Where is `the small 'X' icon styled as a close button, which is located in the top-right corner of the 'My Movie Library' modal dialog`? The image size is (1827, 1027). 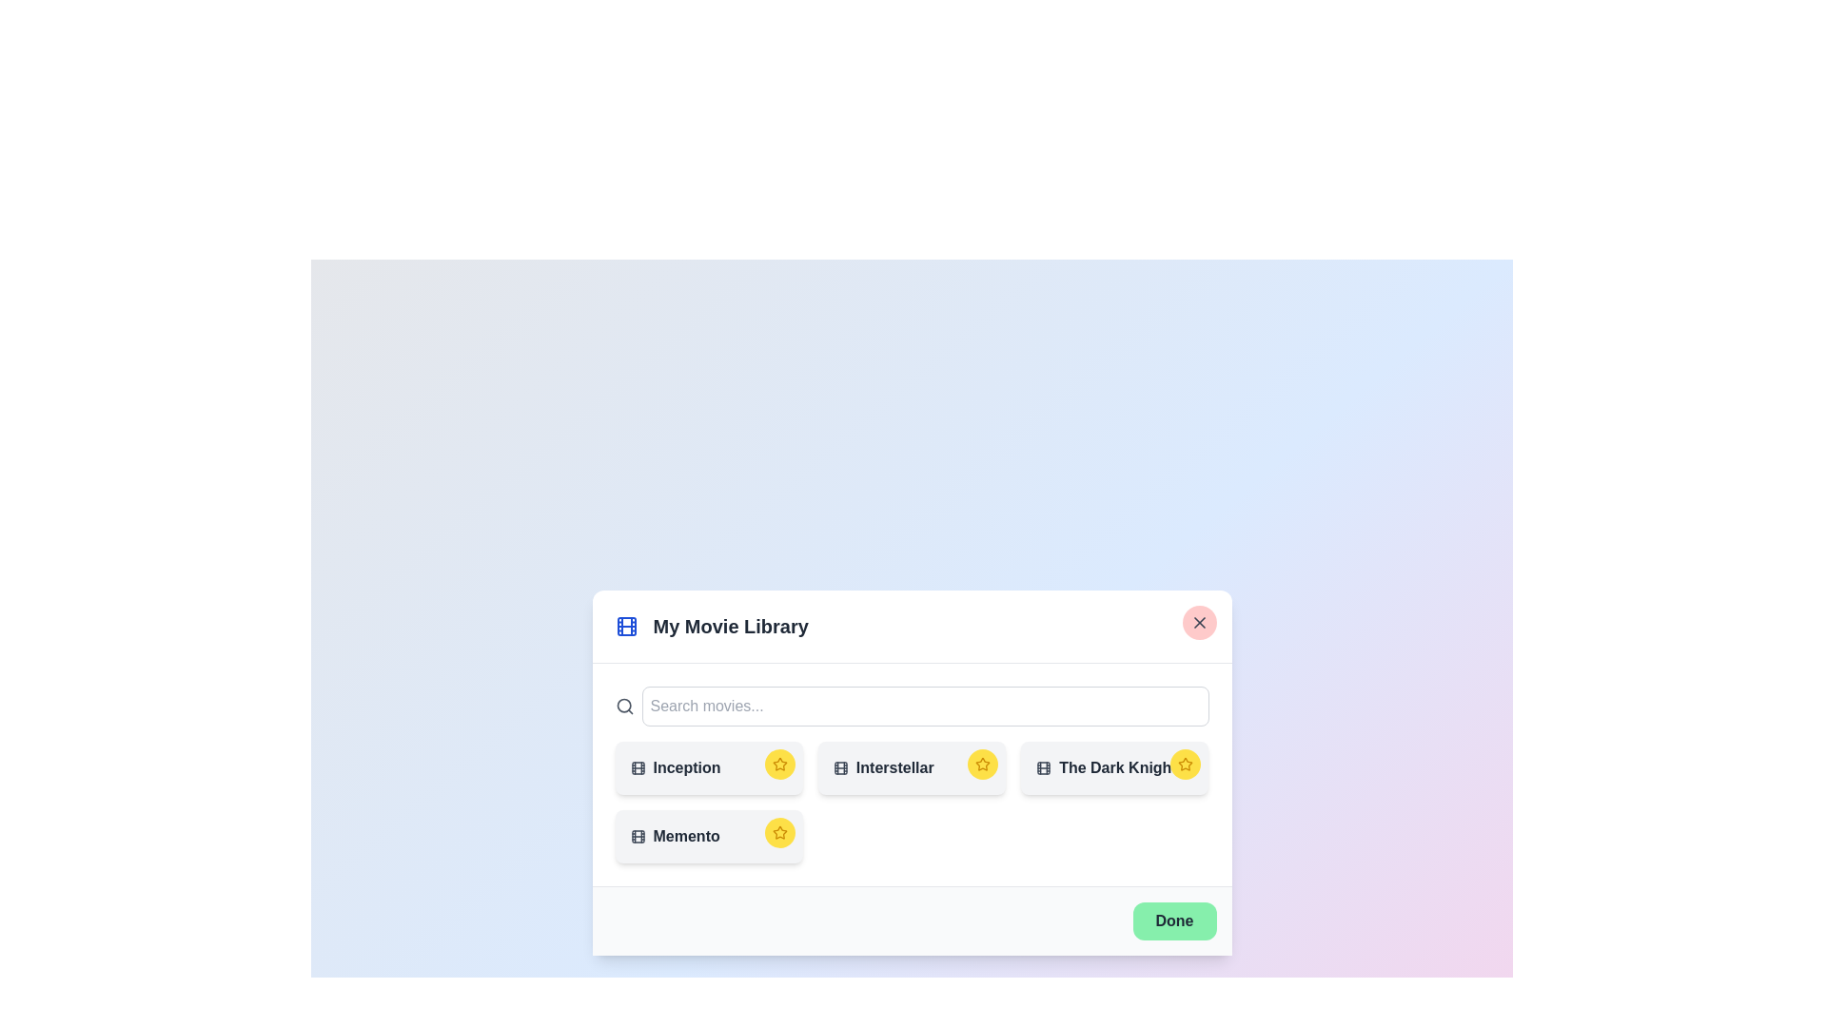
the small 'X' icon styled as a close button, which is located in the top-right corner of the 'My Movie Library' modal dialog is located at coordinates (1198, 623).